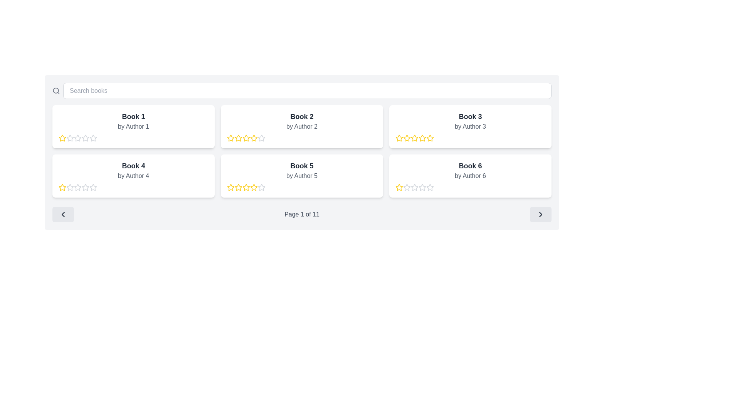  I want to click on the first star icon in the rating component of the 'Book 3' card, so click(399, 138).